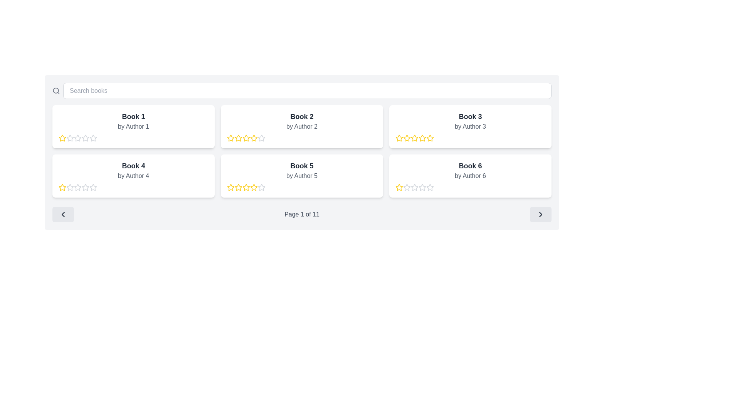  I want to click on the first star icon in the rating component of the 'Book 3' card, so click(399, 138).